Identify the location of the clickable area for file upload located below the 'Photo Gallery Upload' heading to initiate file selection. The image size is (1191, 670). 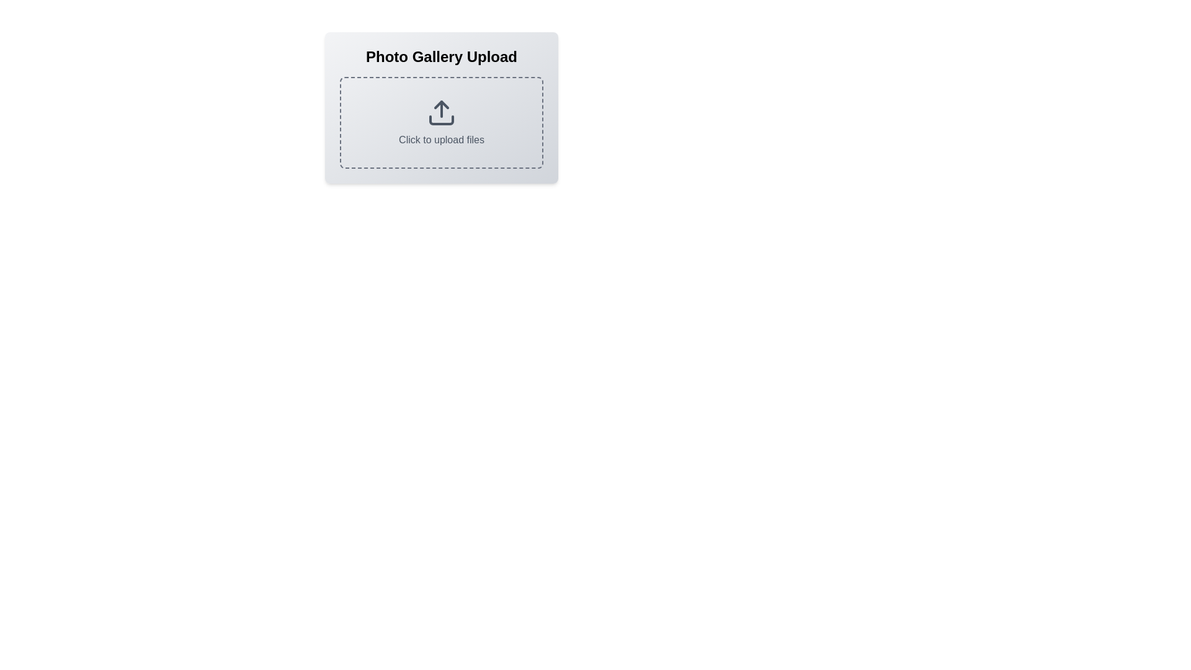
(441, 122).